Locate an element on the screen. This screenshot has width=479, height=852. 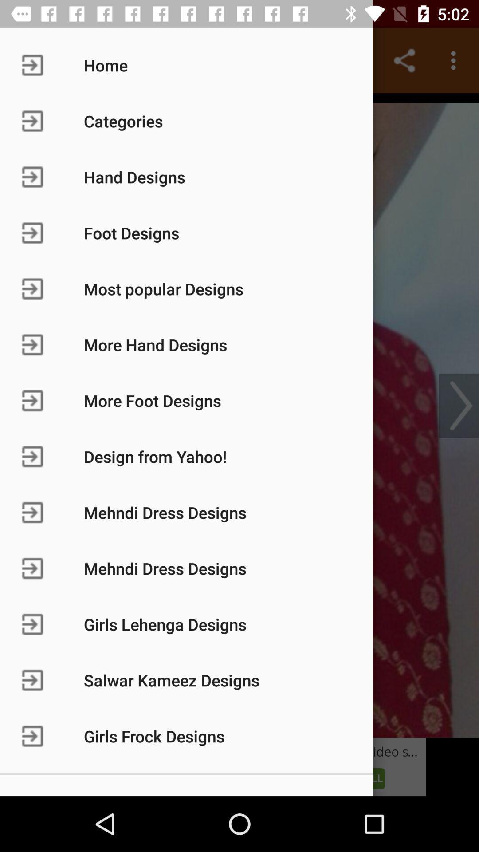
various options to select is located at coordinates (239, 415).